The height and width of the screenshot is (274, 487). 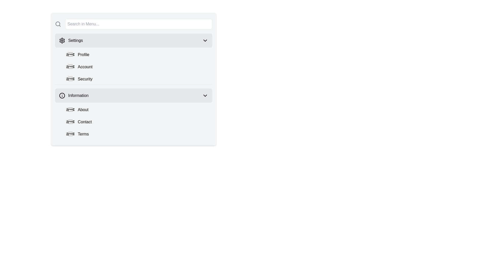 What do you see at coordinates (134, 79) in the screenshot?
I see `the 'Security' menu item` at bounding box center [134, 79].